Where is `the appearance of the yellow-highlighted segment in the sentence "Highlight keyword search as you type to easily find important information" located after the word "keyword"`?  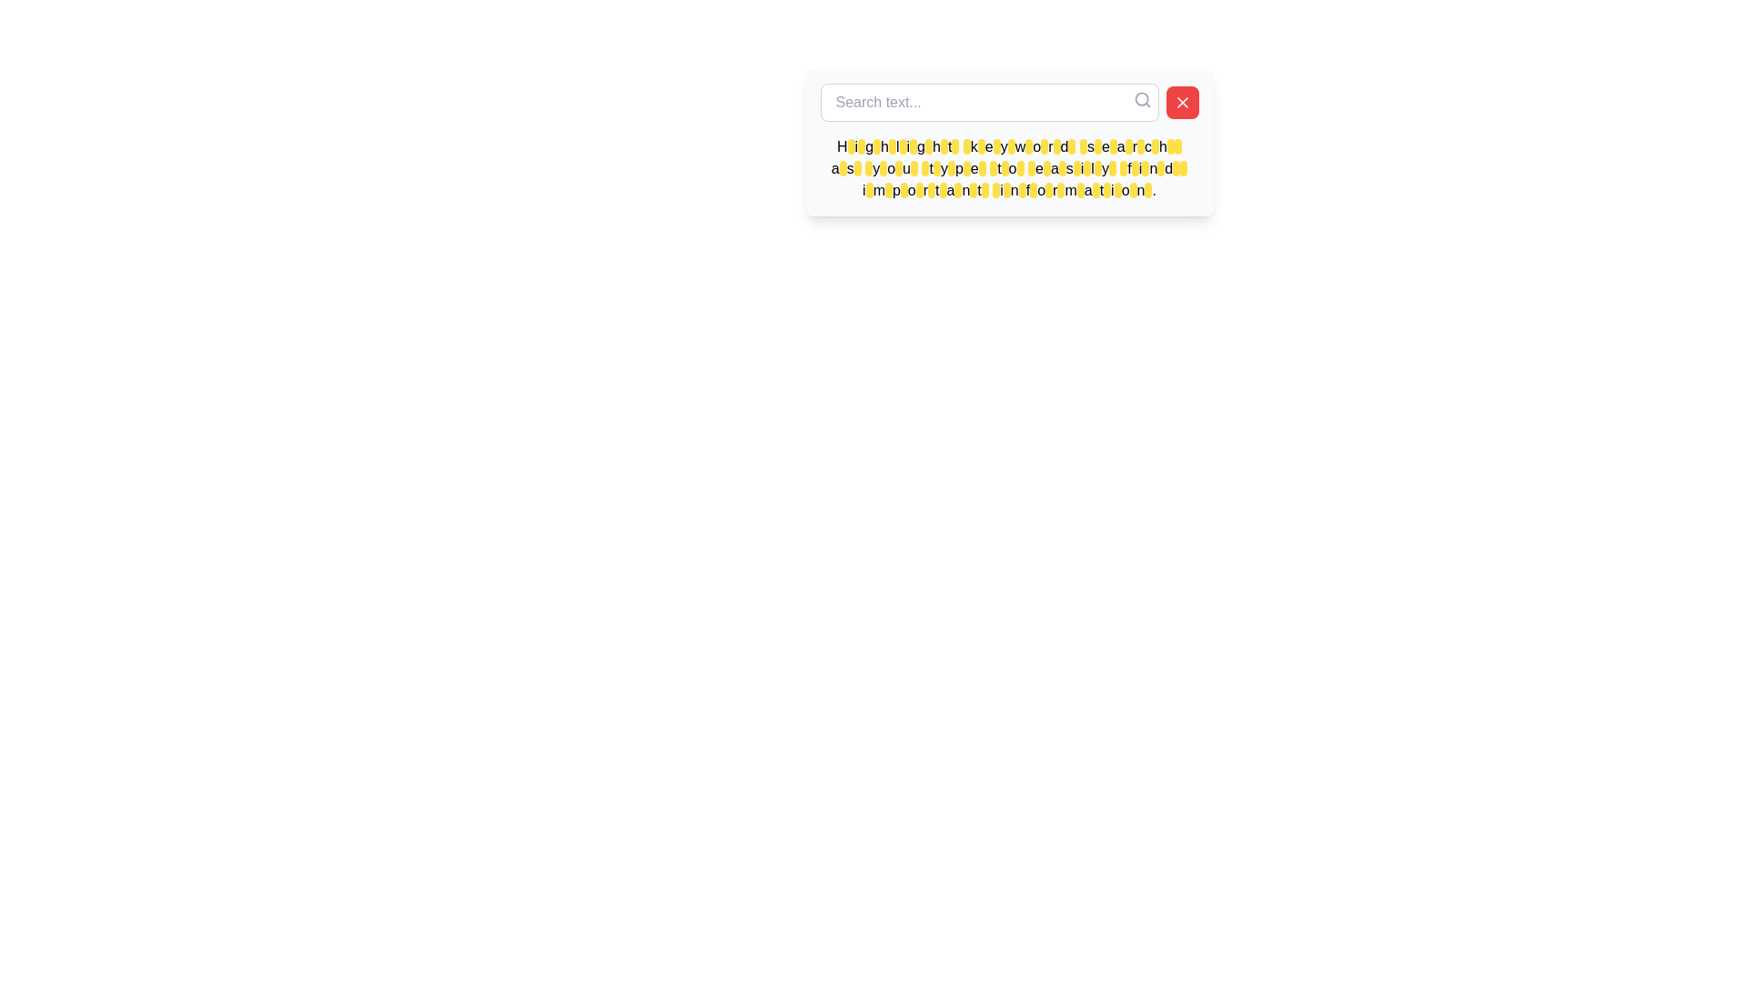
the appearance of the yellow-highlighted segment in the sentence "Highlight keyword search as you type to easily find important information" located after the word "keyword" is located at coordinates (980, 145).